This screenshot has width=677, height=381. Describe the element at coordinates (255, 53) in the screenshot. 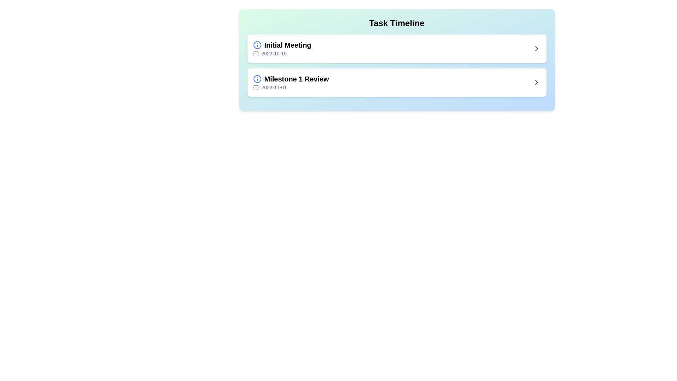

I see `the date calendar icon located to the left of the text '2023-10-15' in the first item of the task list titled 'Initial Meeting'` at that location.